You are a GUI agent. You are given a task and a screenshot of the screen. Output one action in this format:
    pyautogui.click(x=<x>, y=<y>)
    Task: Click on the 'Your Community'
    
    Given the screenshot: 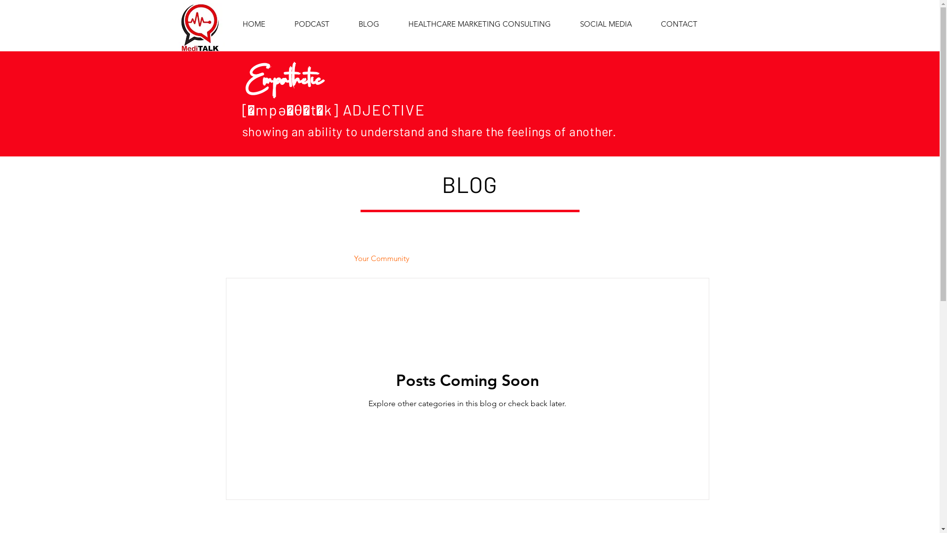 What is the action you would take?
    pyautogui.click(x=354, y=258)
    